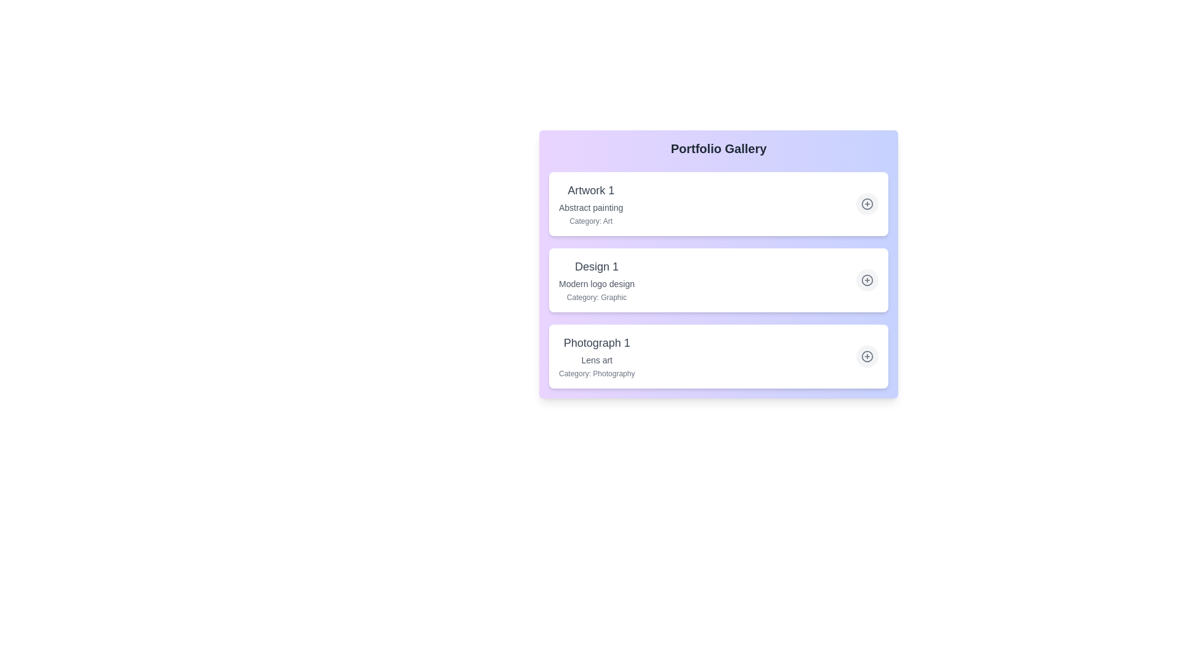 Image resolution: width=1182 pixels, height=664 pixels. I want to click on plus icon for the item titled Artwork 1, so click(867, 203).